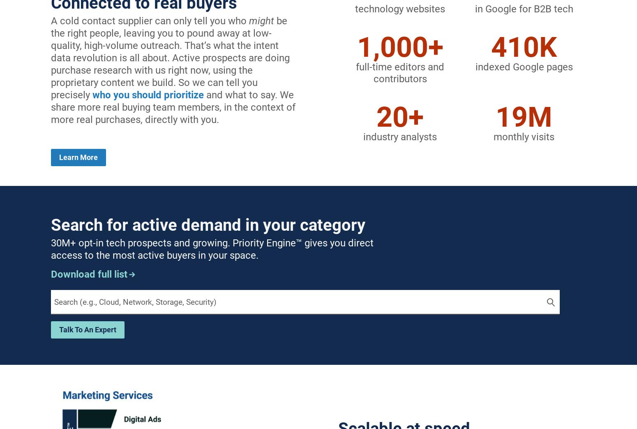 The width and height of the screenshot is (637, 429). I want to click on 'and what to say. We share more real buying team members, in the context of more real purchases, directly with you.', so click(173, 107).